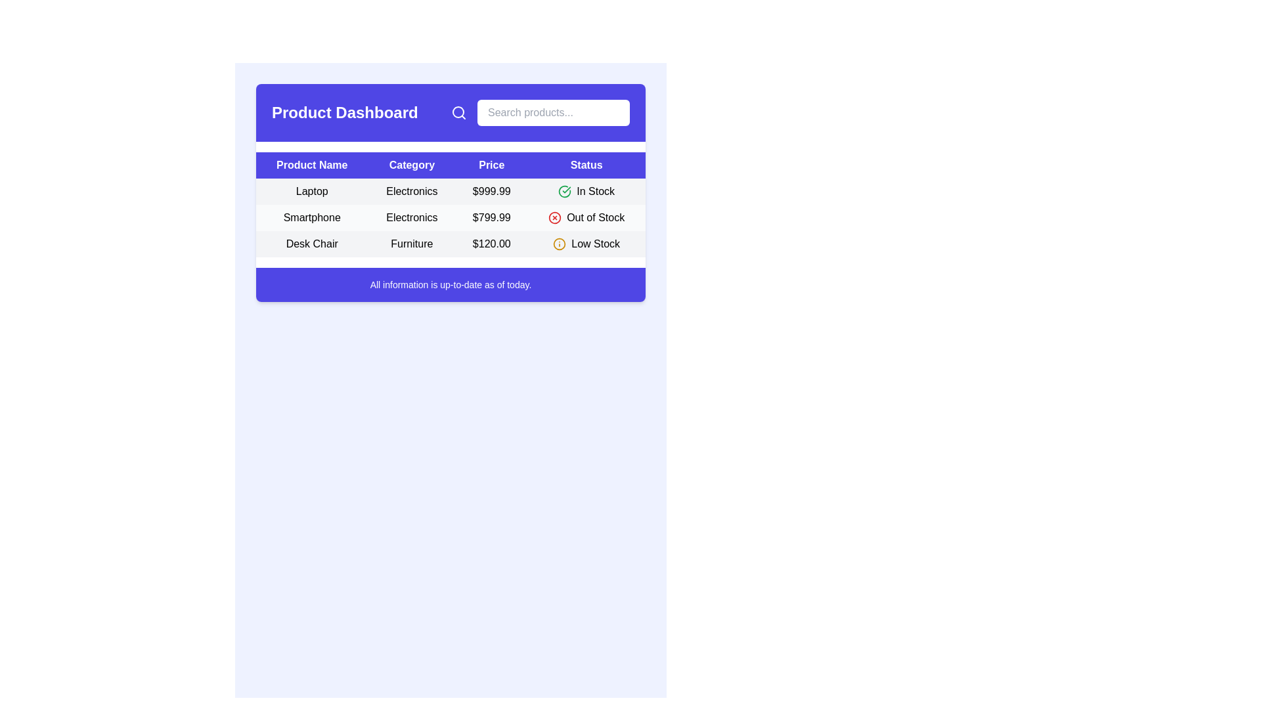 The height and width of the screenshot is (709, 1261). I want to click on the 'Electronics' text label, which is a black text on a light gray background, located in the second cell of the 'Category' column in the first row of the table, so click(411, 192).